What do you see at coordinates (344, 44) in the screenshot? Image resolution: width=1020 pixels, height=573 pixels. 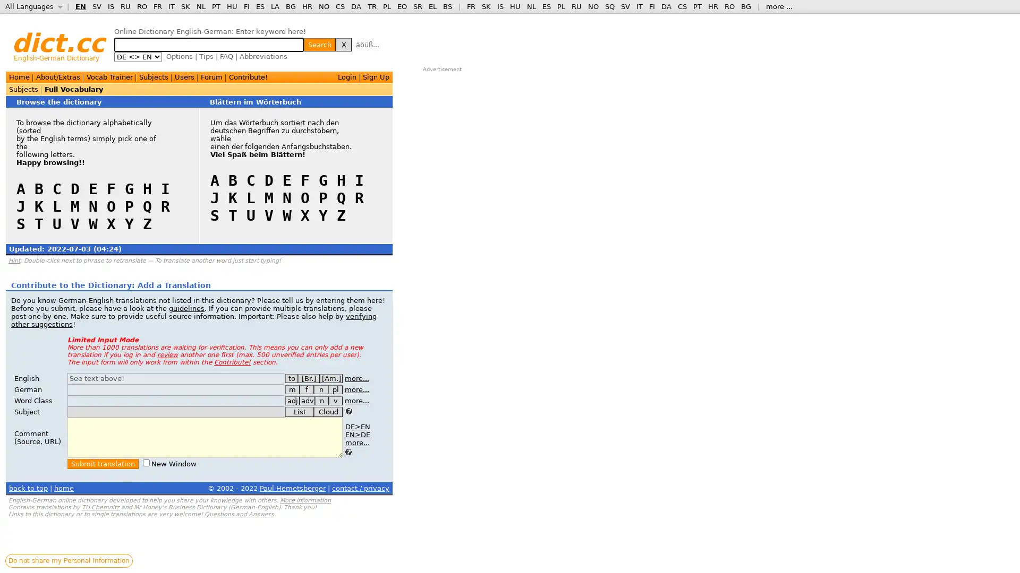 I see `X` at bounding box center [344, 44].